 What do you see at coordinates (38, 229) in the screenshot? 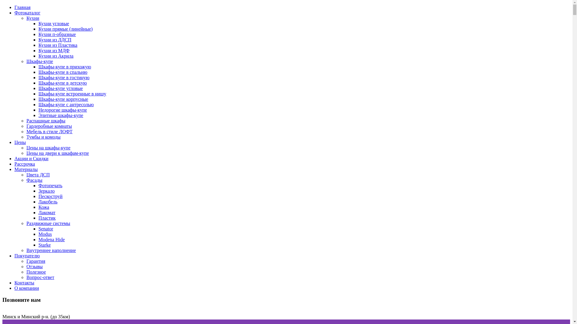
I see `'Senator'` at bounding box center [38, 229].